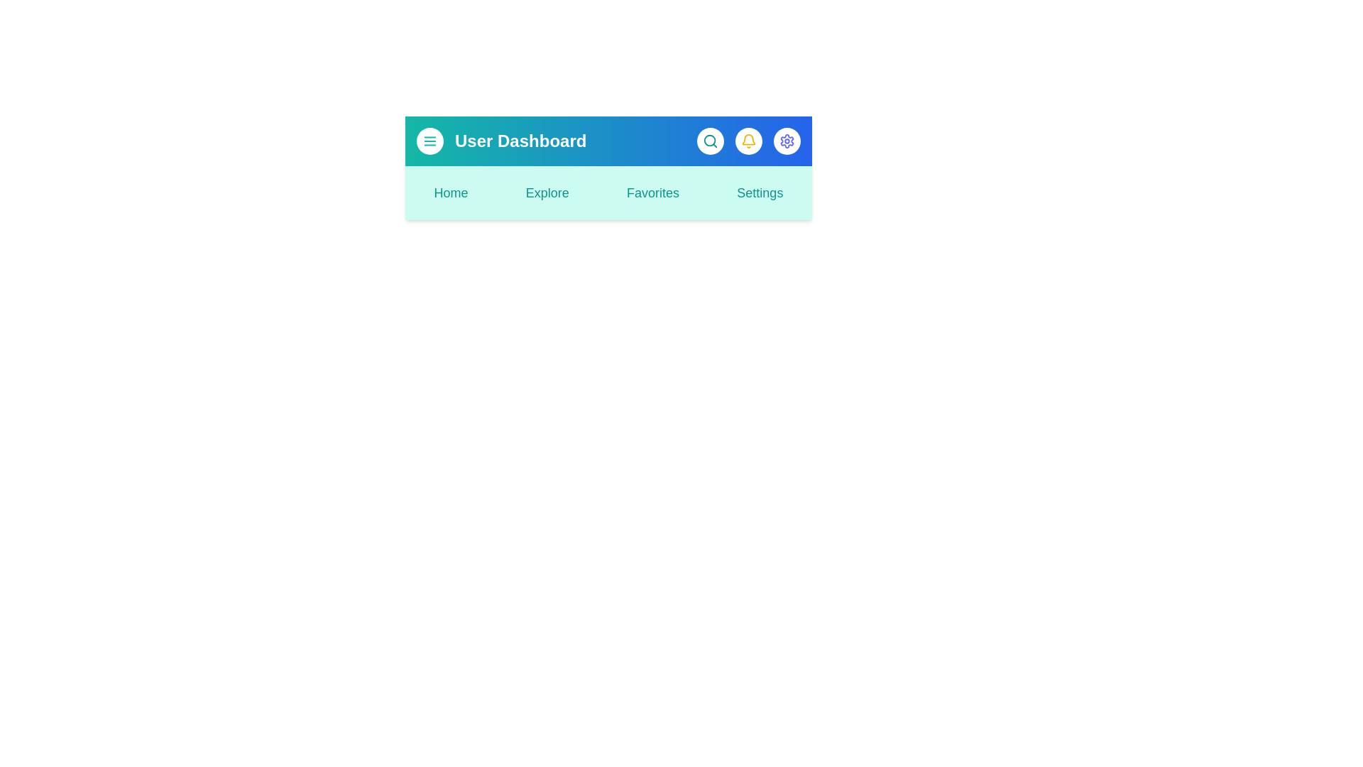  I want to click on the search button to observe the hover effect, so click(711, 141).